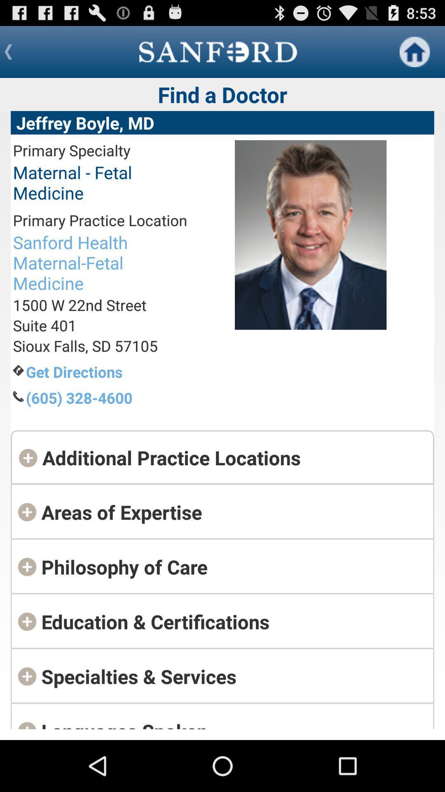 Image resolution: width=445 pixels, height=792 pixels. Describe the element at coordinates (100, 262) in the screenshot. I see `the sanford health maternal` at that location.